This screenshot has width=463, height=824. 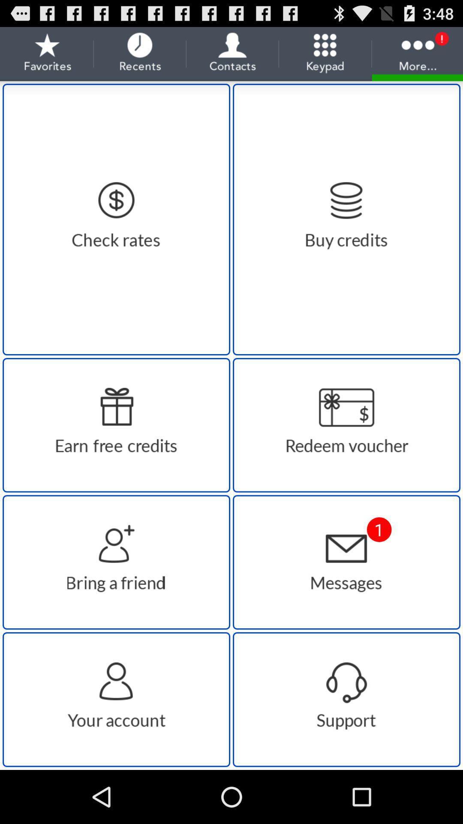 I want to click on account settings, so click(x=116, y=700).